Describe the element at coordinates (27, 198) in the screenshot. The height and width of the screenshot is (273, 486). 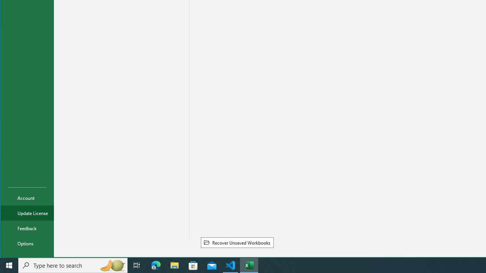
I see `'Account'` at that location.